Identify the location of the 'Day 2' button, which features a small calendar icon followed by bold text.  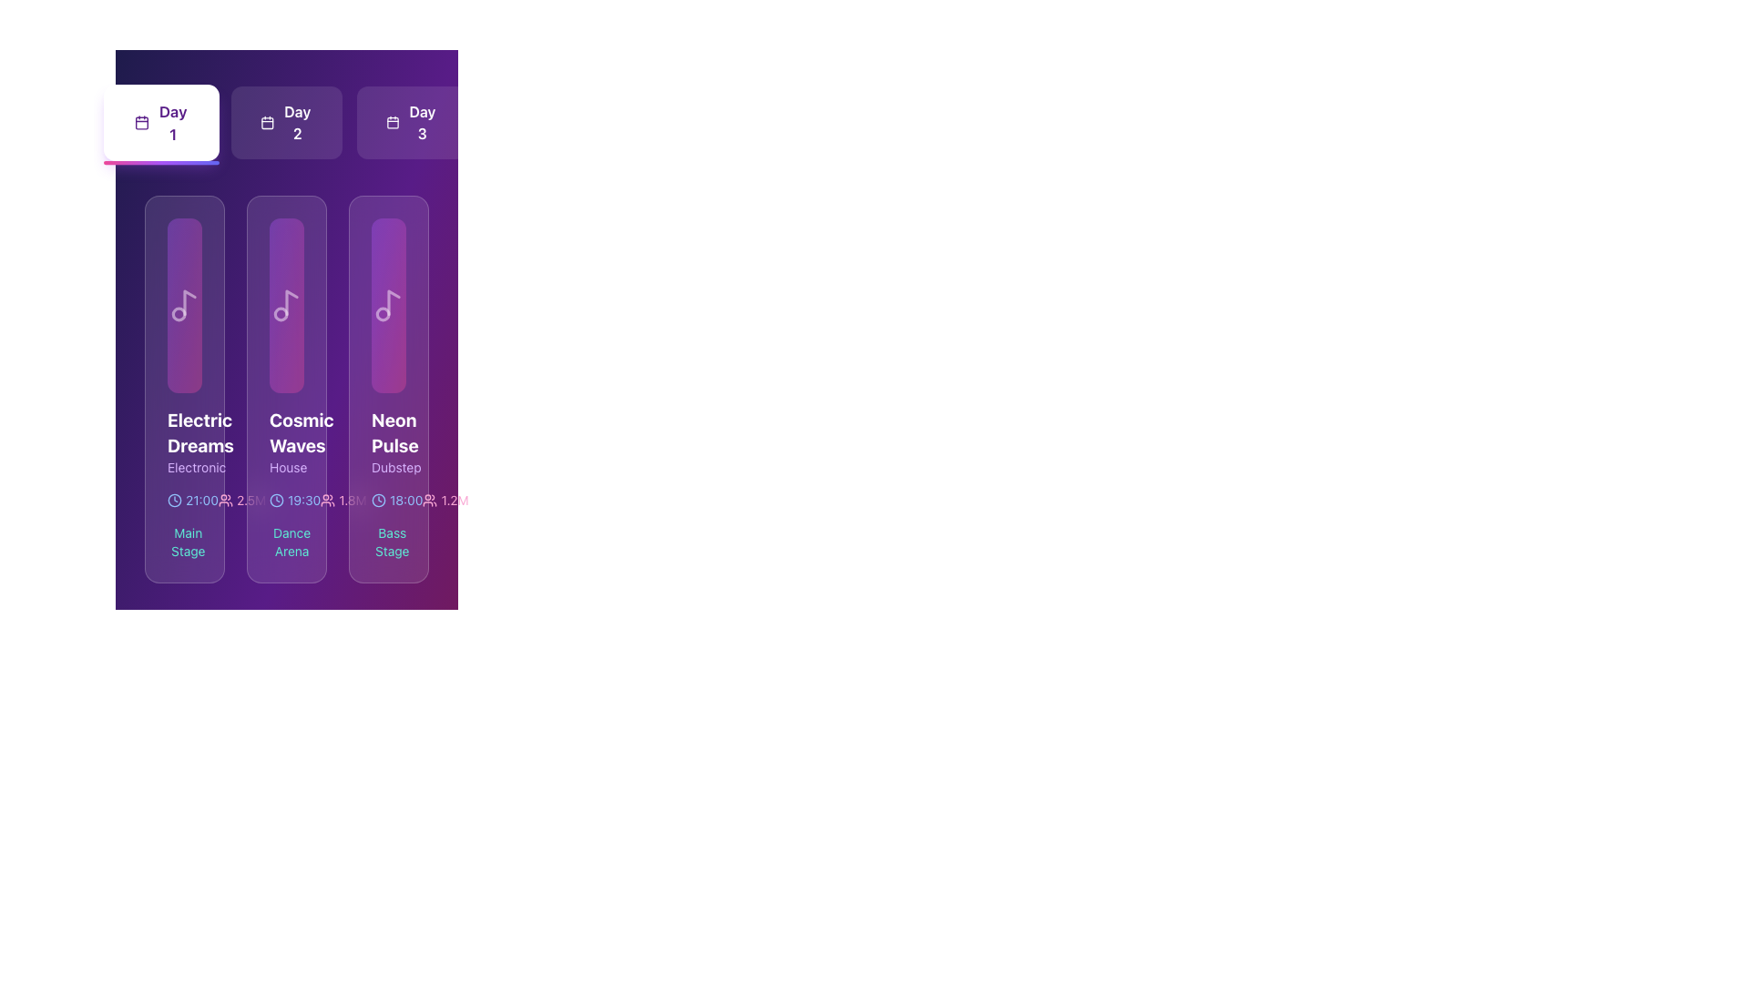
(286, 123).